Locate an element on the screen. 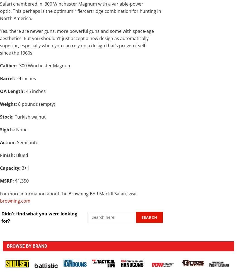 The width and height of the screenshot is (237, 273). 'Search' is located at coordinates (149, 217).